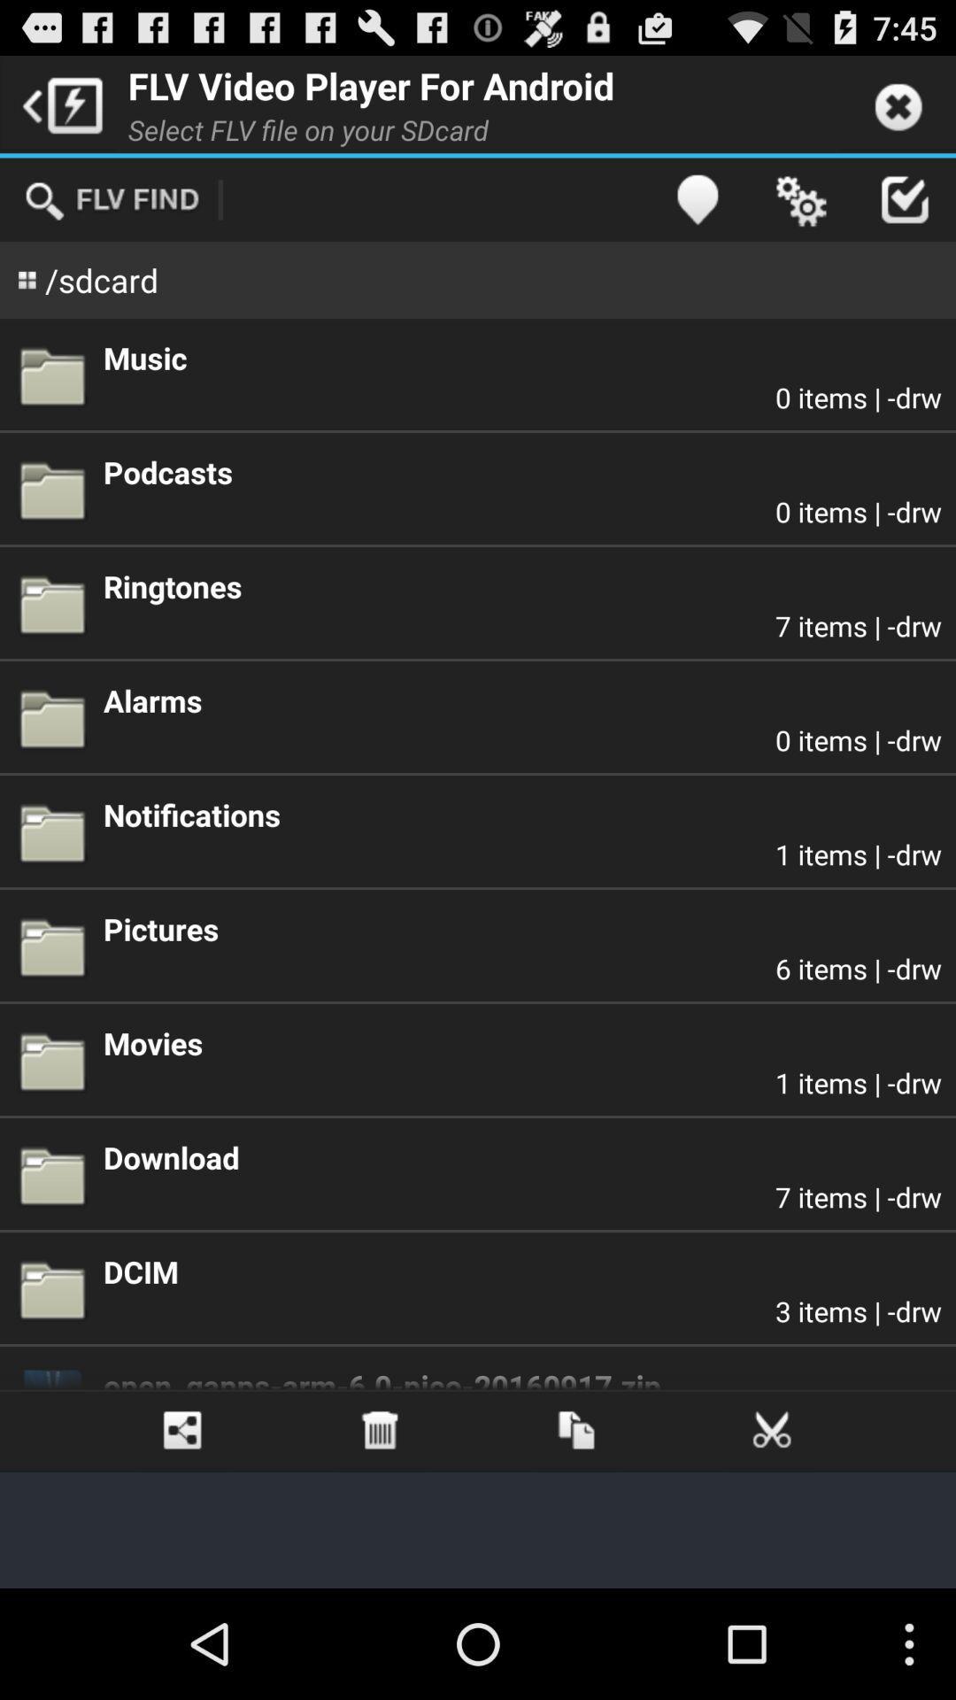 The width and height of the screenshot is (956, 1700). Describe the element at coordinates (696, 199) in the screenshot. I see `icon above music` at that location.